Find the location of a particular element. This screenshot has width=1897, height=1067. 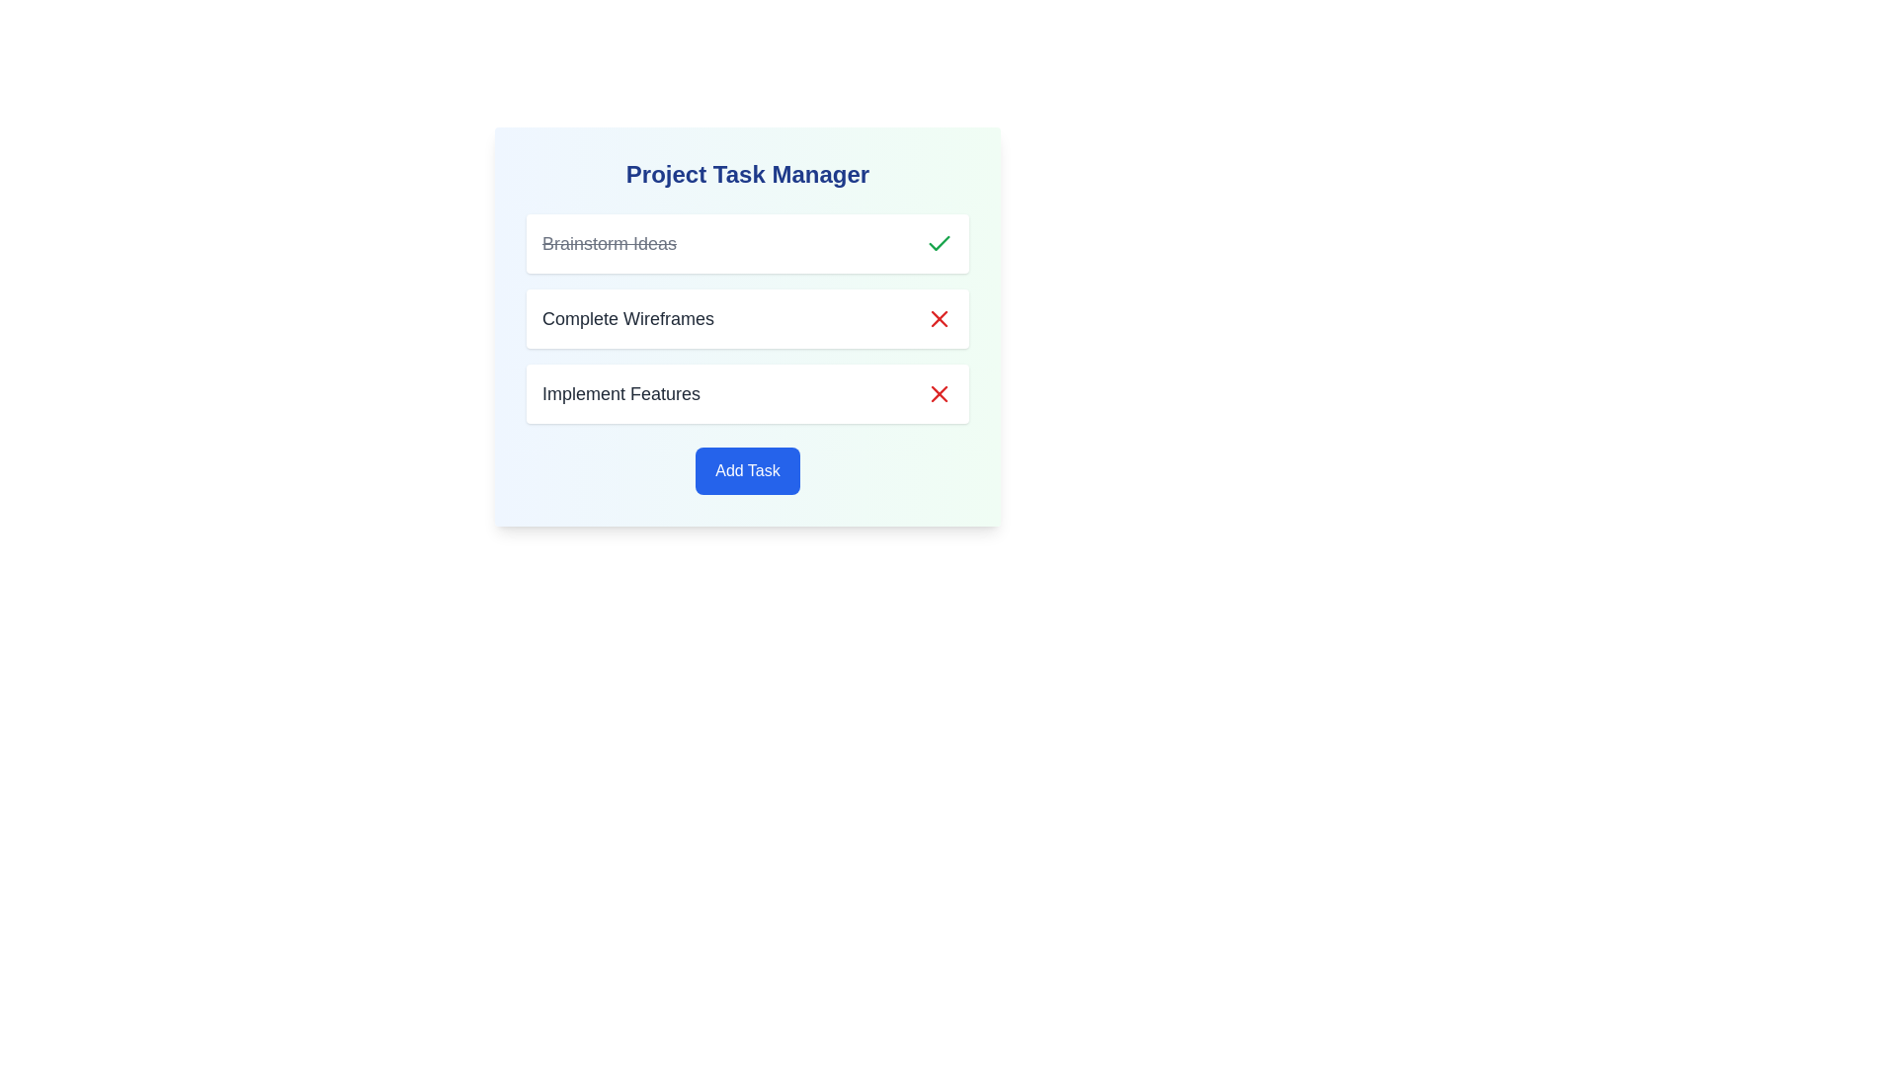

the graphic icon (checkmark) indicating task completion in the task management interface, located above and to the right of the 'Brainstorm Ideas' text is located at coordinates (938, 242).